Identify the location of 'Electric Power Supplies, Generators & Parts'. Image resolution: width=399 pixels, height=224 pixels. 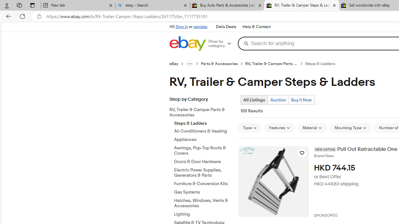
(204, 171).